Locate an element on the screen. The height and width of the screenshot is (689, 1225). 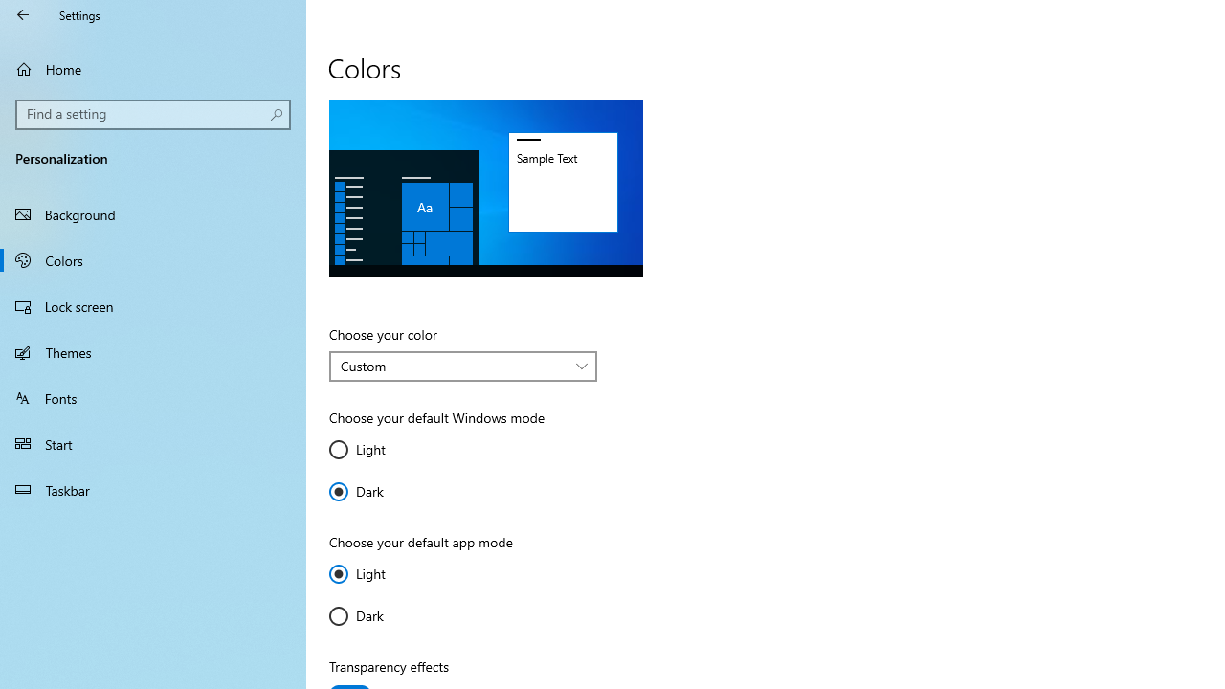
'Lock screen' is located at coordinates (153, 305).